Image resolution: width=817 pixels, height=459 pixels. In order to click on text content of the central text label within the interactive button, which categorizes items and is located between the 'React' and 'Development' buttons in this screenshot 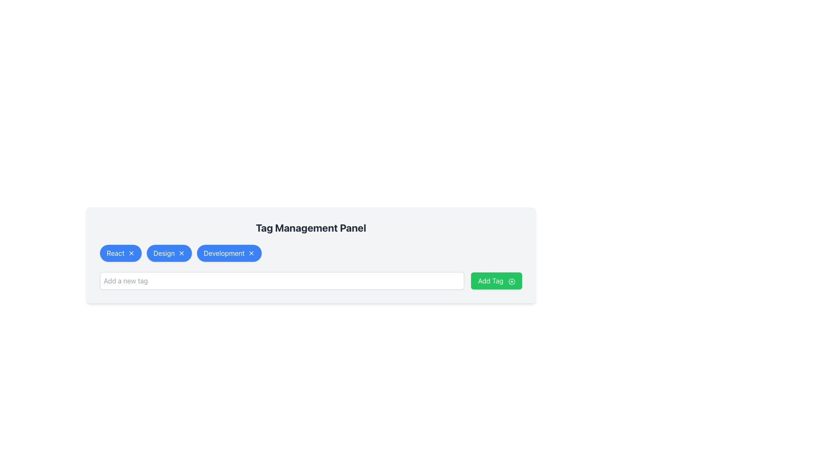, I will do `click(164, 253)`.